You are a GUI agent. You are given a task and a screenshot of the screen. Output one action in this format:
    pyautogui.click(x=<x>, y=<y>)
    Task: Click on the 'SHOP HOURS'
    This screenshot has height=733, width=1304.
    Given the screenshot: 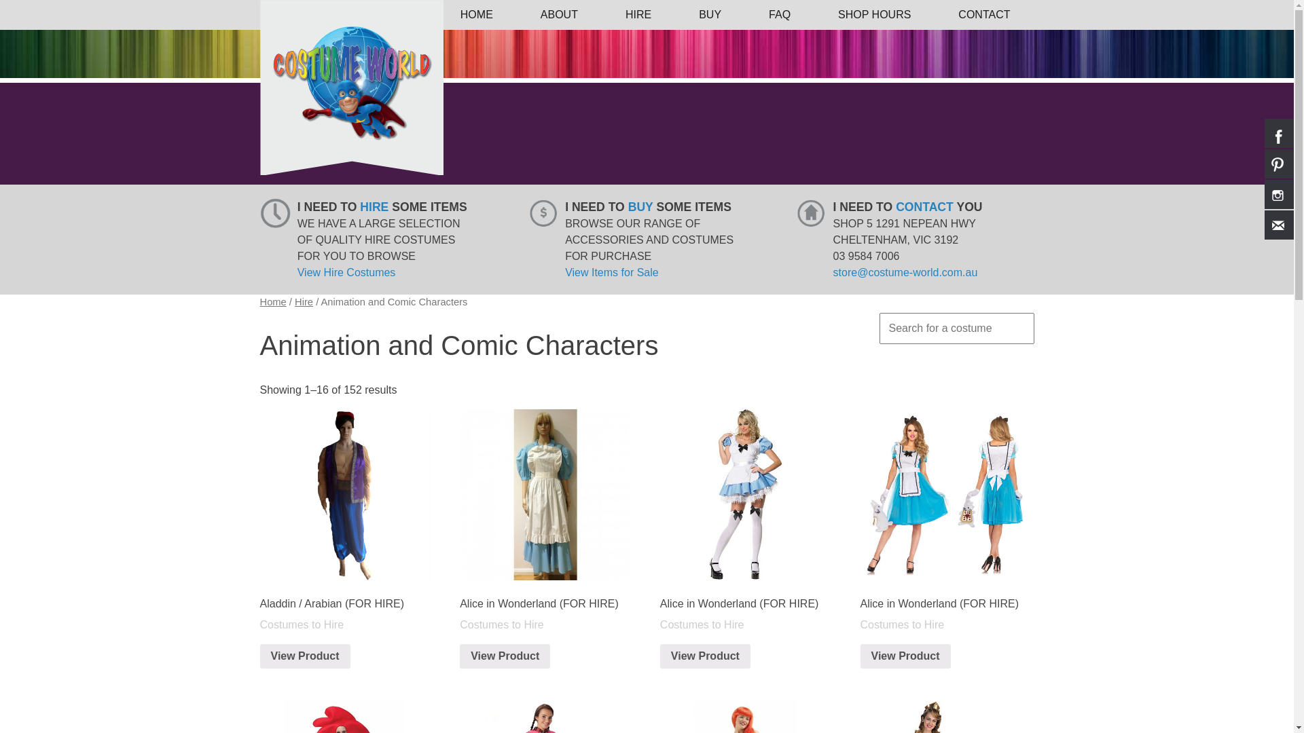 What is the action you would take?
    pyautogui.click(x=874, y=15)
    